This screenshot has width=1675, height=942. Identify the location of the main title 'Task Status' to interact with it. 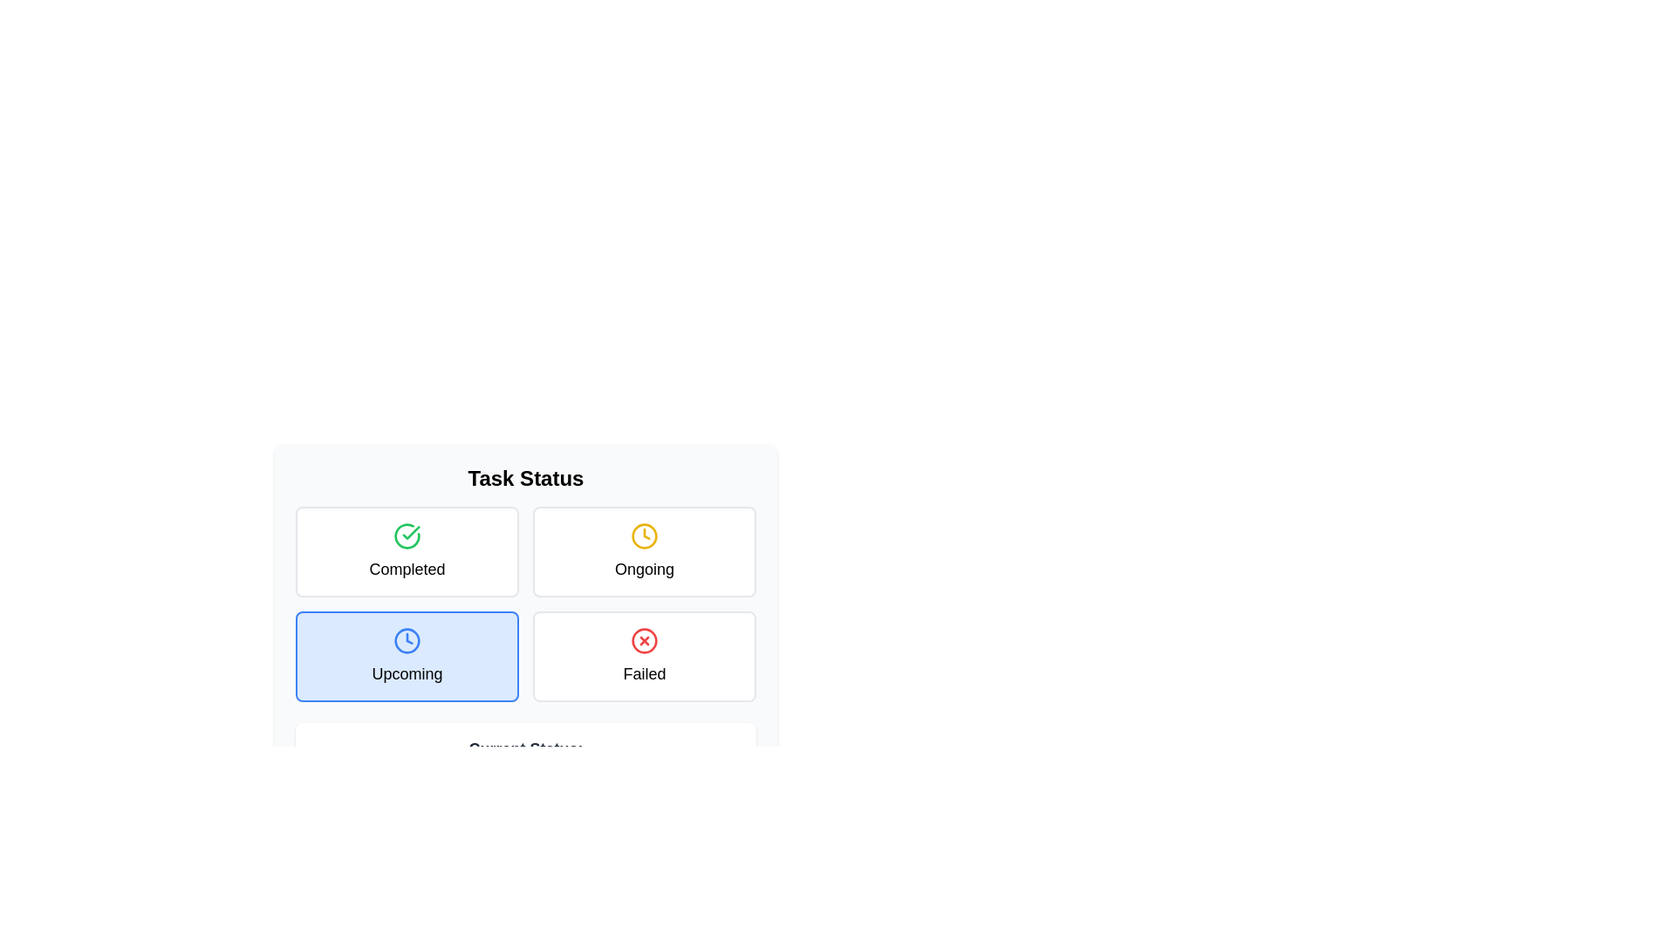
(525, 478).